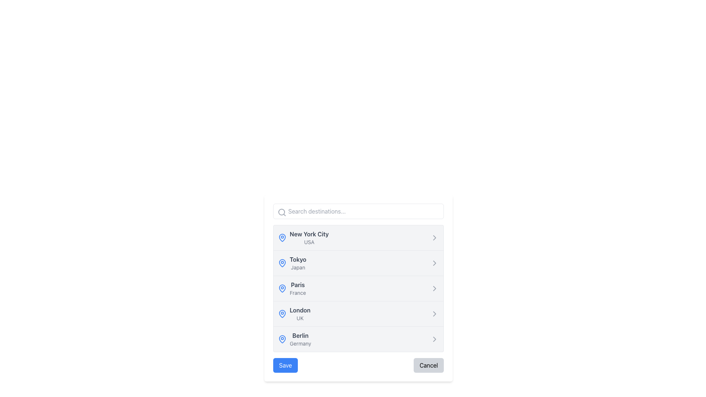 The width and height of the screenshot is (706, 397). I want to click on the small gray right-pointing chevron icon located at the right edge of the row for 'New York City', so click(434, 238).